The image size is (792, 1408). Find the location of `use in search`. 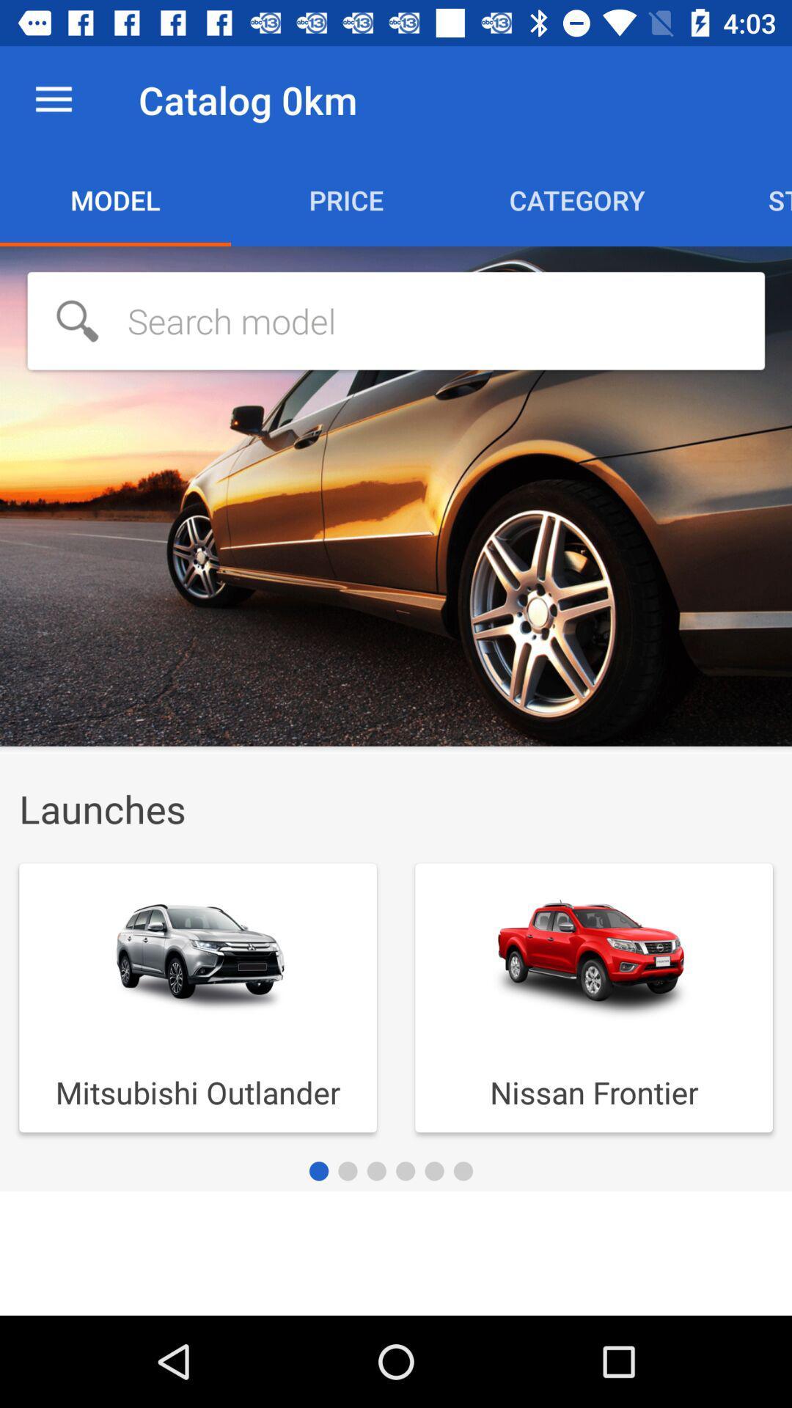

use in search is located at coordinates (396, 320).